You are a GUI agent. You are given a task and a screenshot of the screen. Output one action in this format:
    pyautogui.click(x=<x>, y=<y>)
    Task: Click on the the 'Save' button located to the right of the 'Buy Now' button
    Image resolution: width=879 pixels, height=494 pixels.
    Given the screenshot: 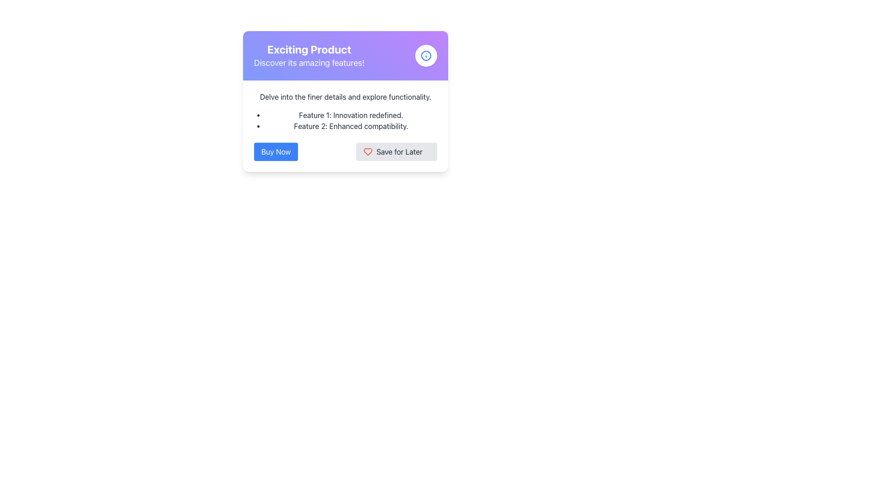 What is the action you would take?
    pyautogui.click(x=396, y=151)
    